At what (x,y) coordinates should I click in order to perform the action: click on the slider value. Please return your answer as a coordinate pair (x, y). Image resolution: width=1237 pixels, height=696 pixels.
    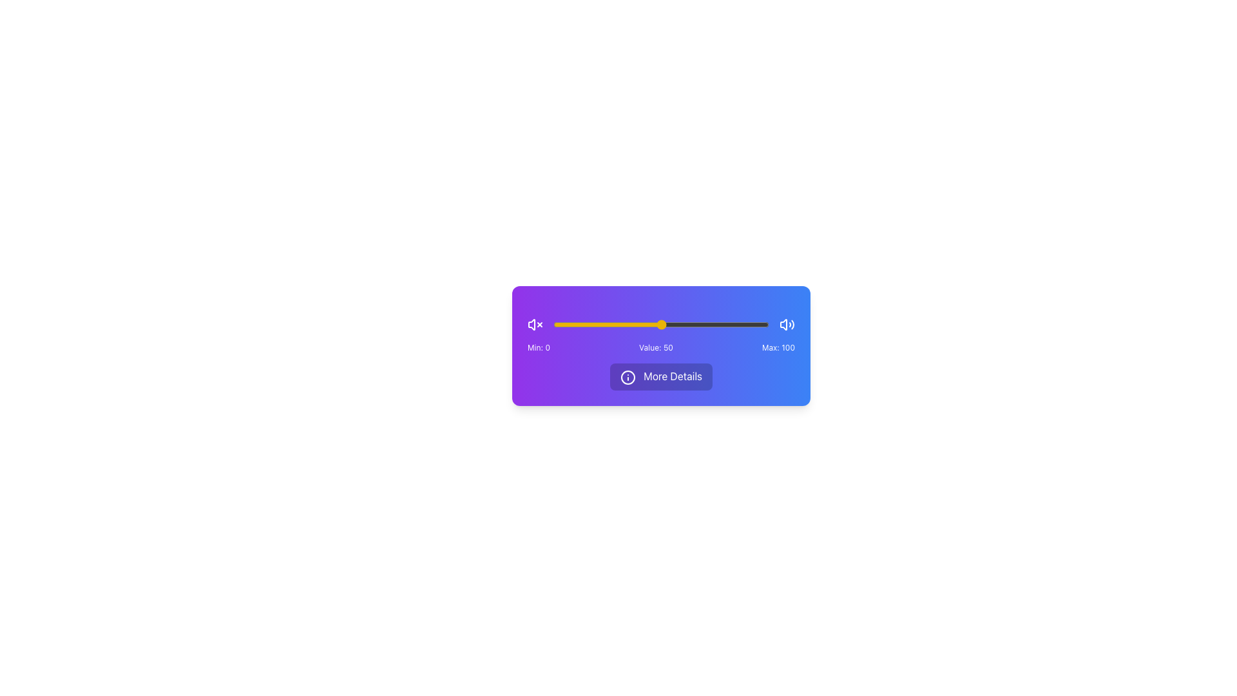
    Looking at the image, I should click on (655, 324).